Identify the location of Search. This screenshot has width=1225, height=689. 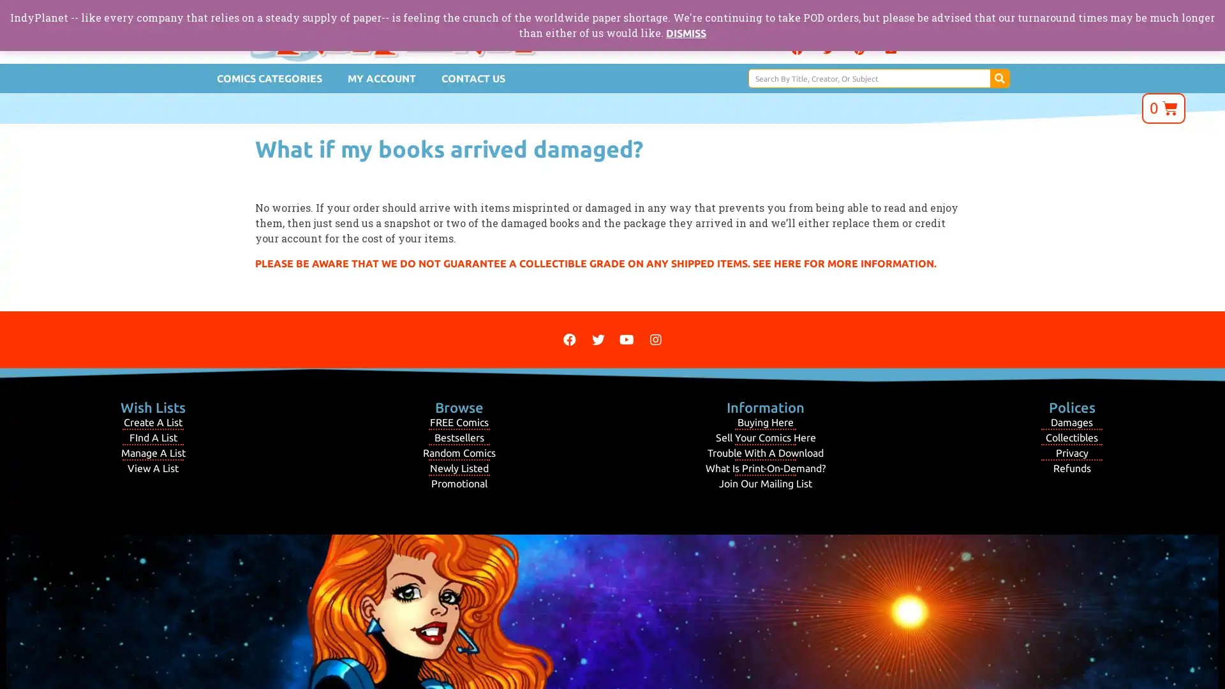
(999, 78).